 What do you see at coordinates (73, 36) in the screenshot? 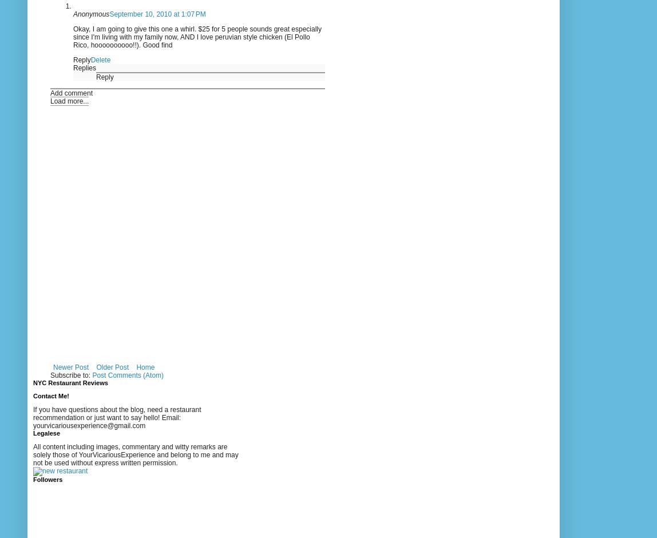
I see `'Okay, I am going to give this one a whirl. $25 for 5 people sounds great especially since I'm living with my family now, AND I love peruvian style chicken (El Pollo Rico, hoooooooooo!!). Good find'` at bounding box center [73, 36].